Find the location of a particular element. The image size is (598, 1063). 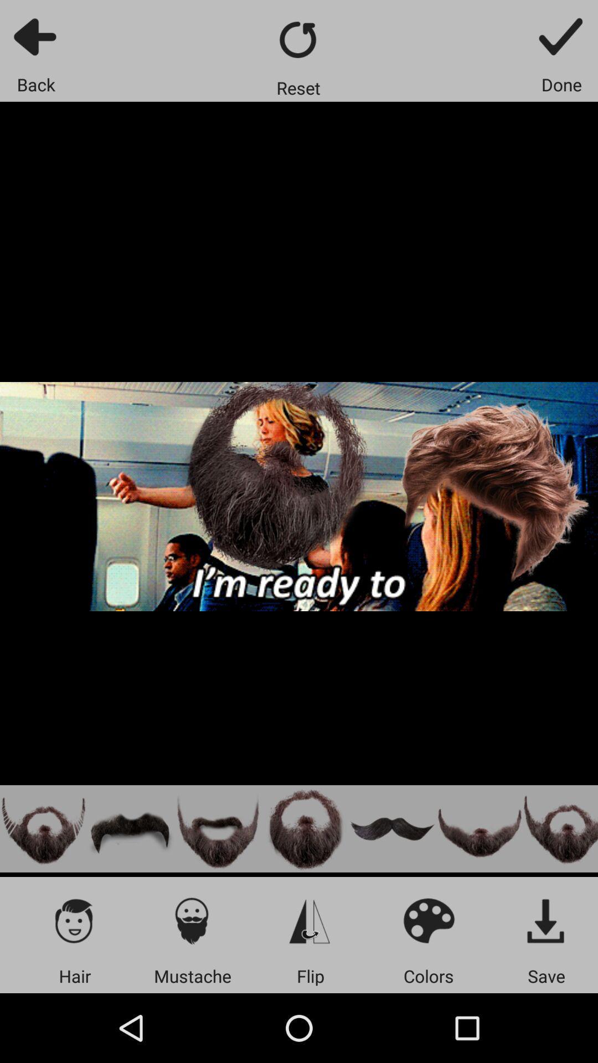

mustaches is located at coordinates (192, 920).